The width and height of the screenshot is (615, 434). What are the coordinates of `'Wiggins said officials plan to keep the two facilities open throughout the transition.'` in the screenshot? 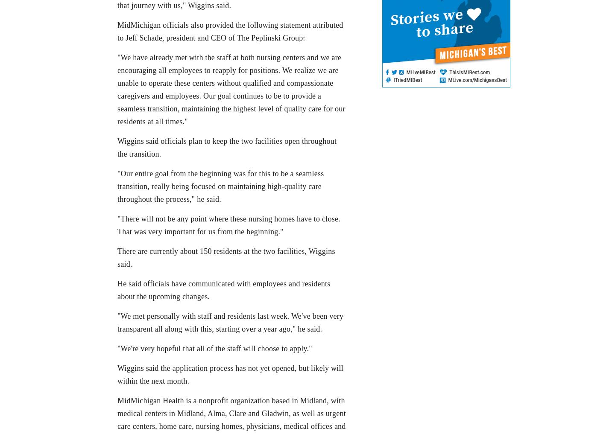 It's located at (117, 146).